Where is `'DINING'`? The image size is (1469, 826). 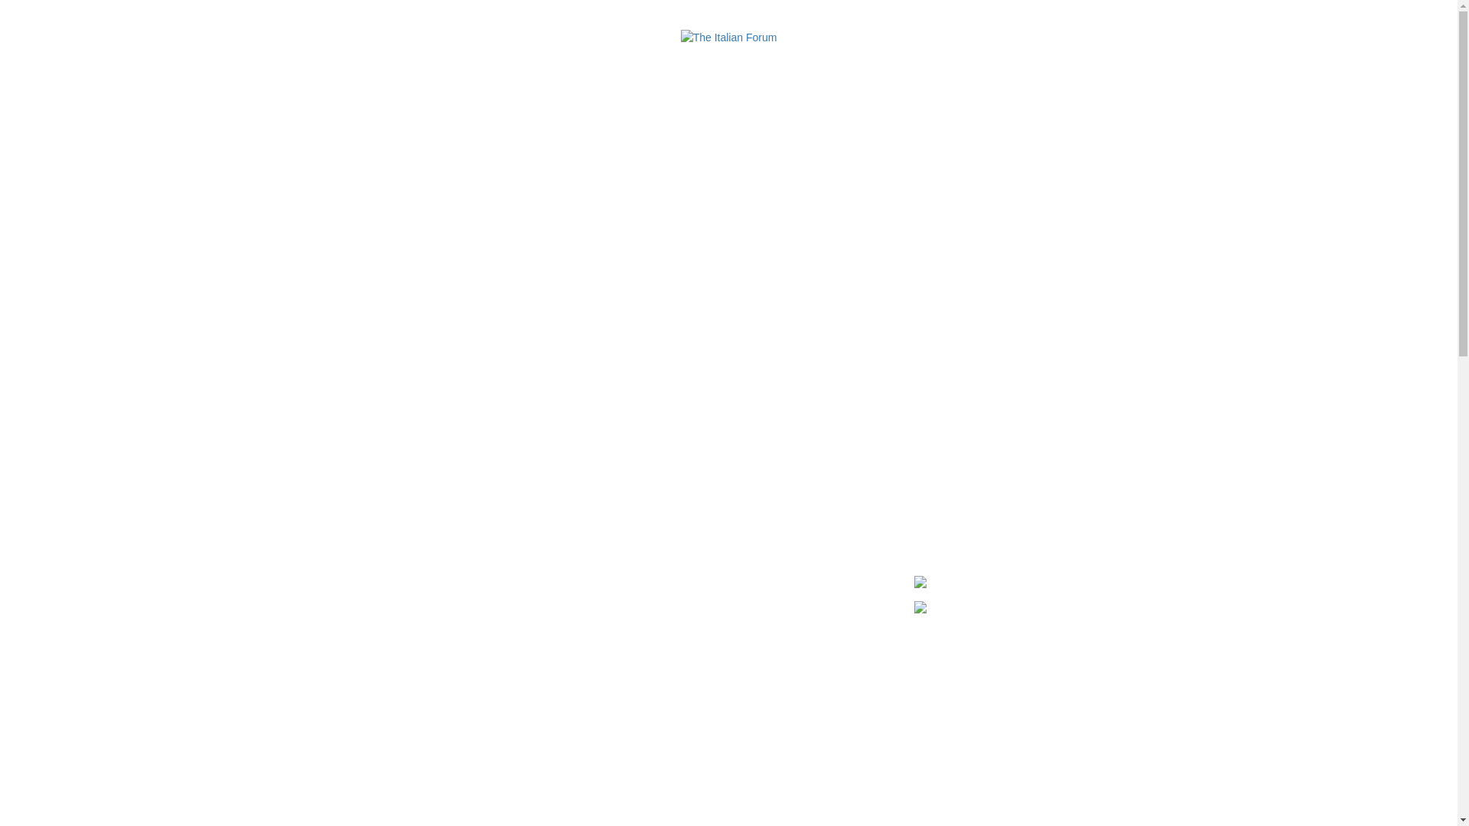 'DINING' is located at coordinates (438, 48).